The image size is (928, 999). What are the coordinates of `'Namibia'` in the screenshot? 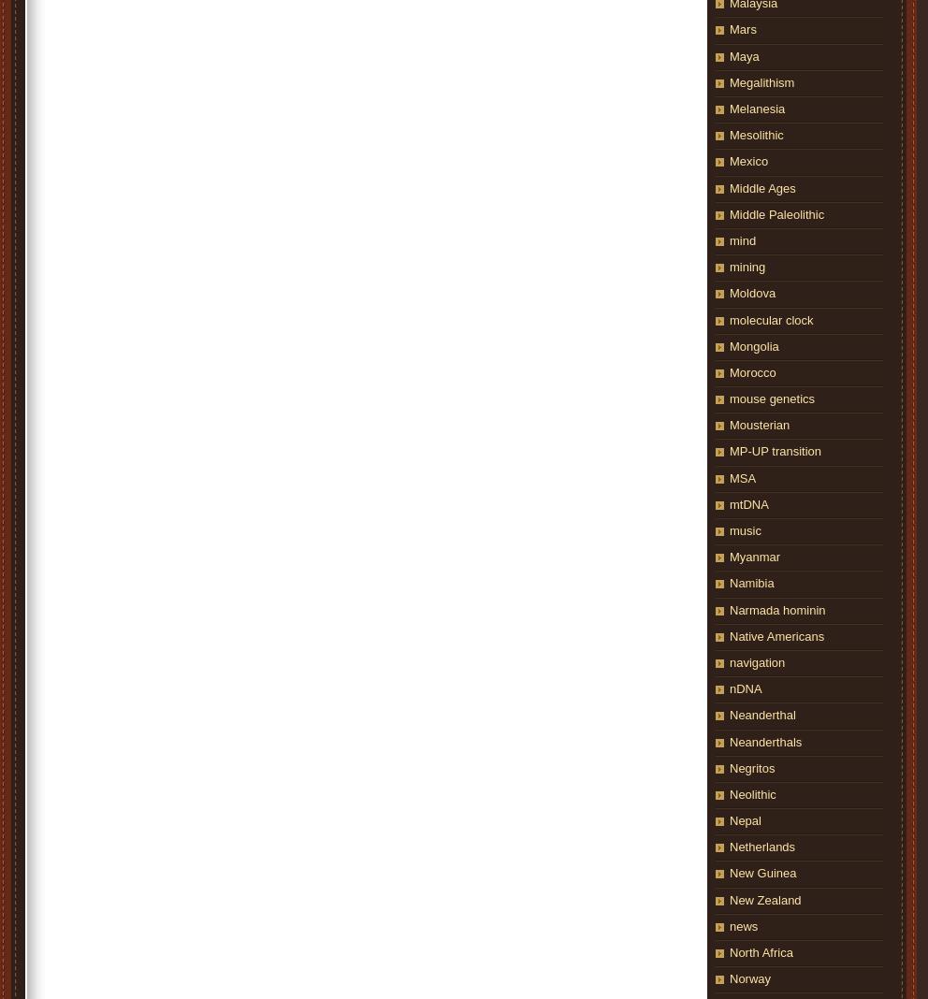 It's located at (751, 582).